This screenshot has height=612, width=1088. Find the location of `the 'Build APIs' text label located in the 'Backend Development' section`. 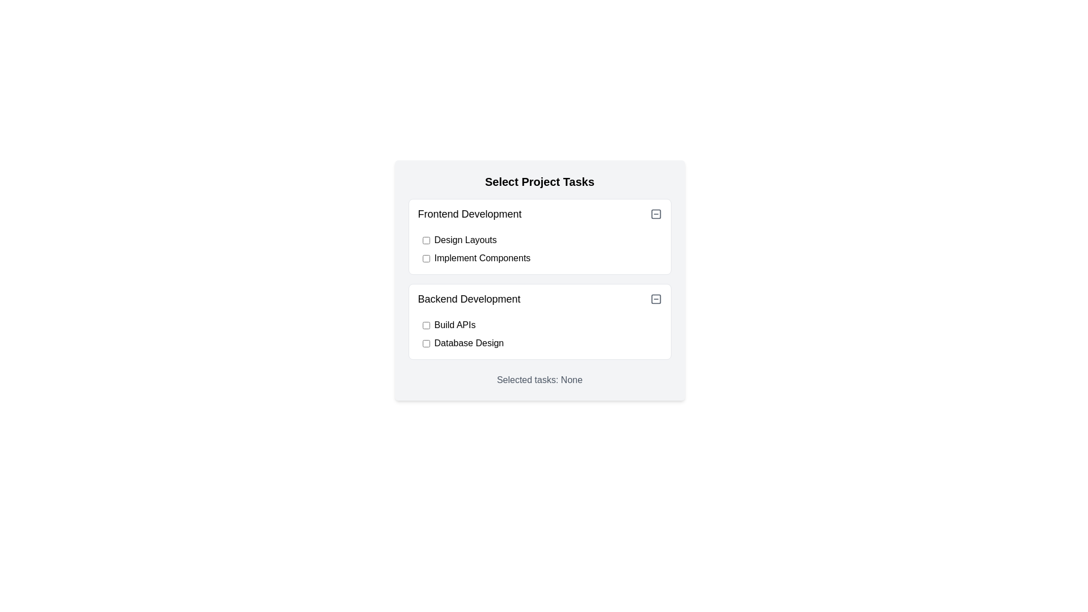

the 'Build APIs' text label located in the 'Backend Development' section is located at coordinates (454, 325).